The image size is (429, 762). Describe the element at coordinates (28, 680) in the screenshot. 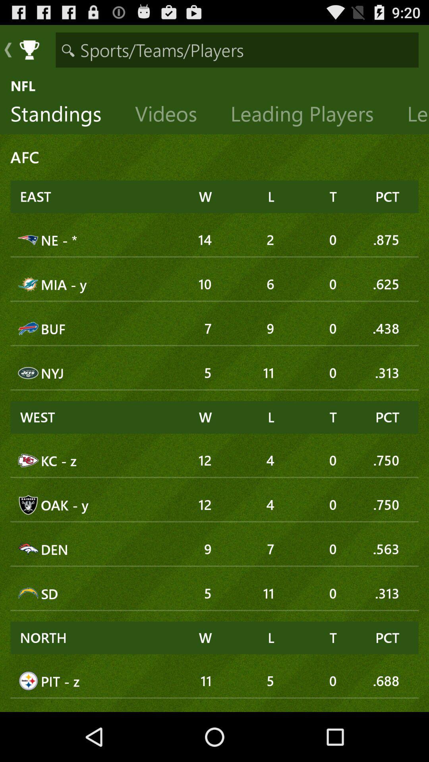

I see `the image which is at  bottom left corner` at that location.